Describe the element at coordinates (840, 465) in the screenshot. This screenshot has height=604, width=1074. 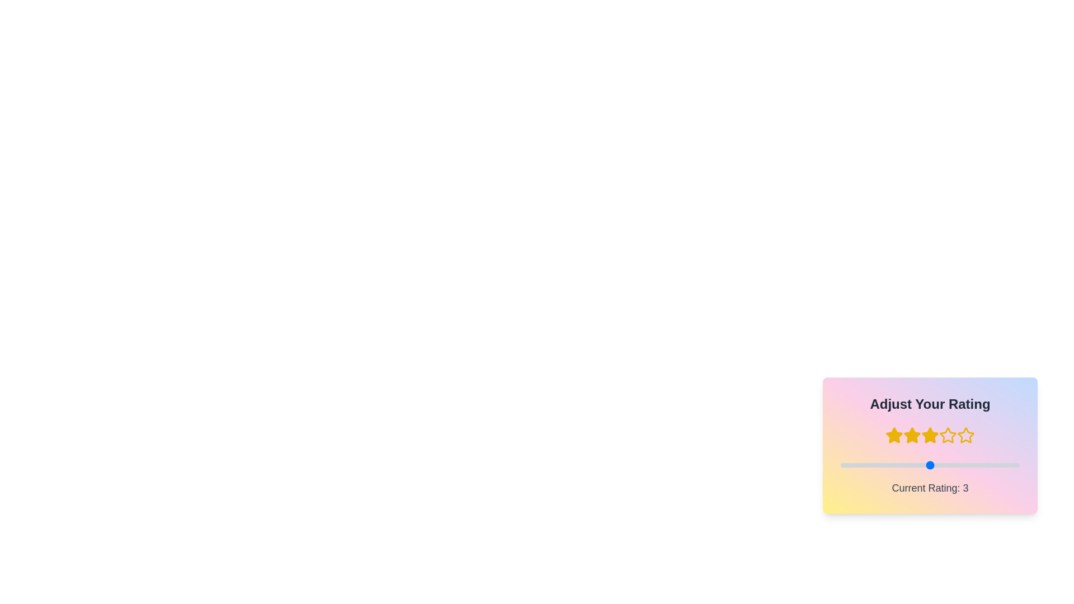
I see `the slider to set the rating to 4 (1 to 5)` at that location.